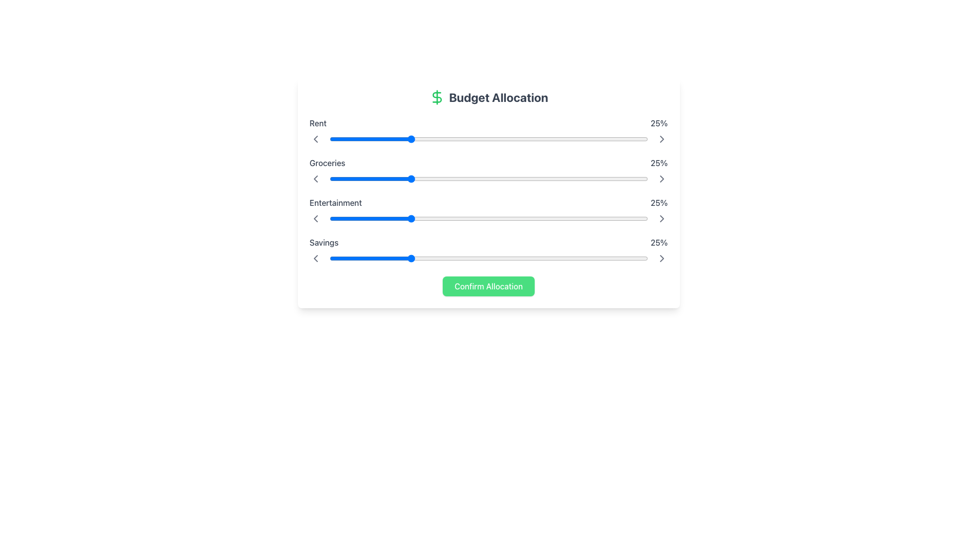 Image resolution: width=955 pixels, height=537 pixels. I want to click on the label displaying 'Groceries' and '25%' in the Budget Allocation panel, which is located centrally above a slider and positioned between 'Rent' and 'Entertainment', so click(488, 162).